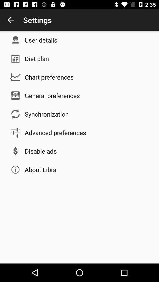 This screenshot has height=282, width=159. Describe the element at coordinates (49, 77) in the screenshot. I see `chart preferences` at that location.